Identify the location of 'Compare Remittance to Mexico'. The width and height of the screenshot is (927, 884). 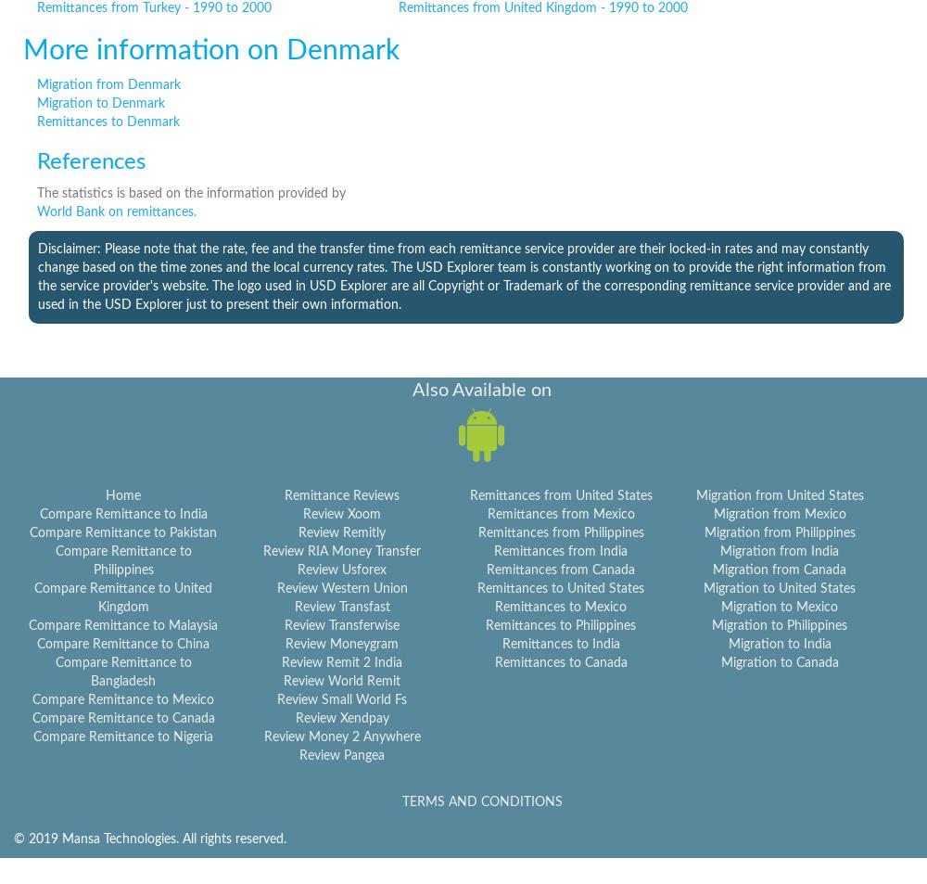
(123, 699).